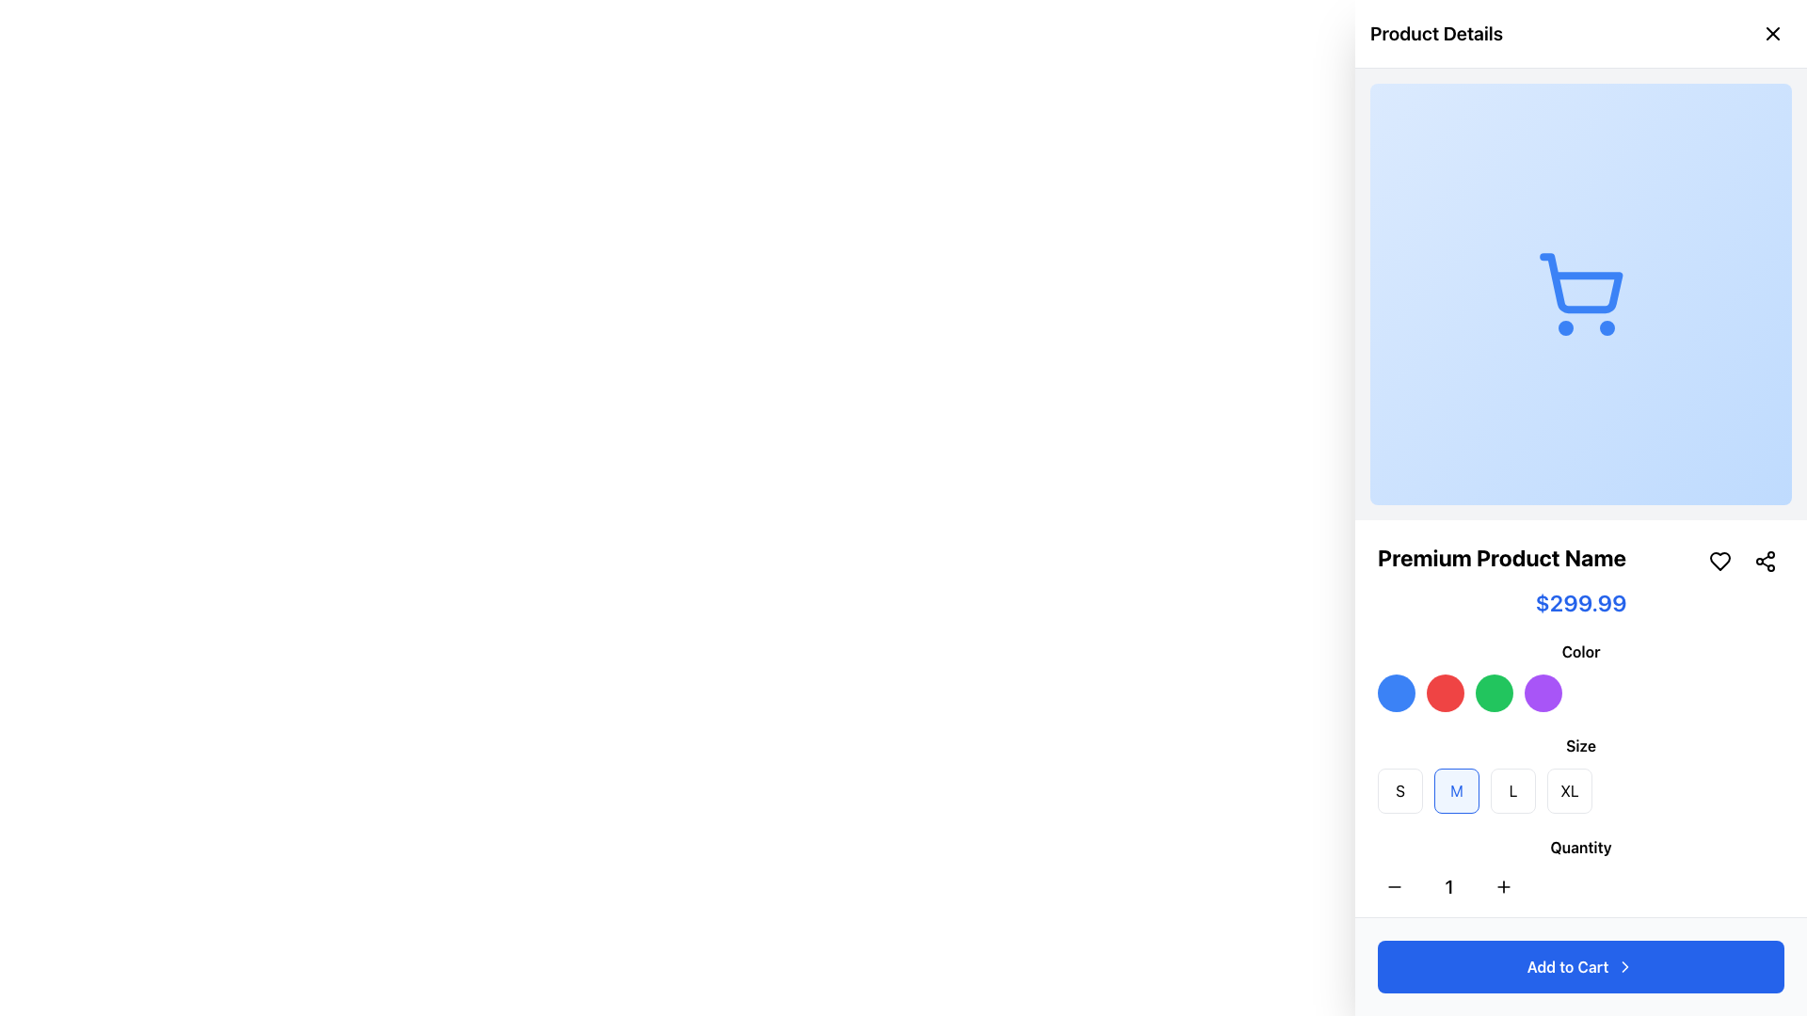  Describe the element at coordinates (1720, 561) in the screenshot. I see `the heart-shaped icon located in the top-right of the product details section` at that location.